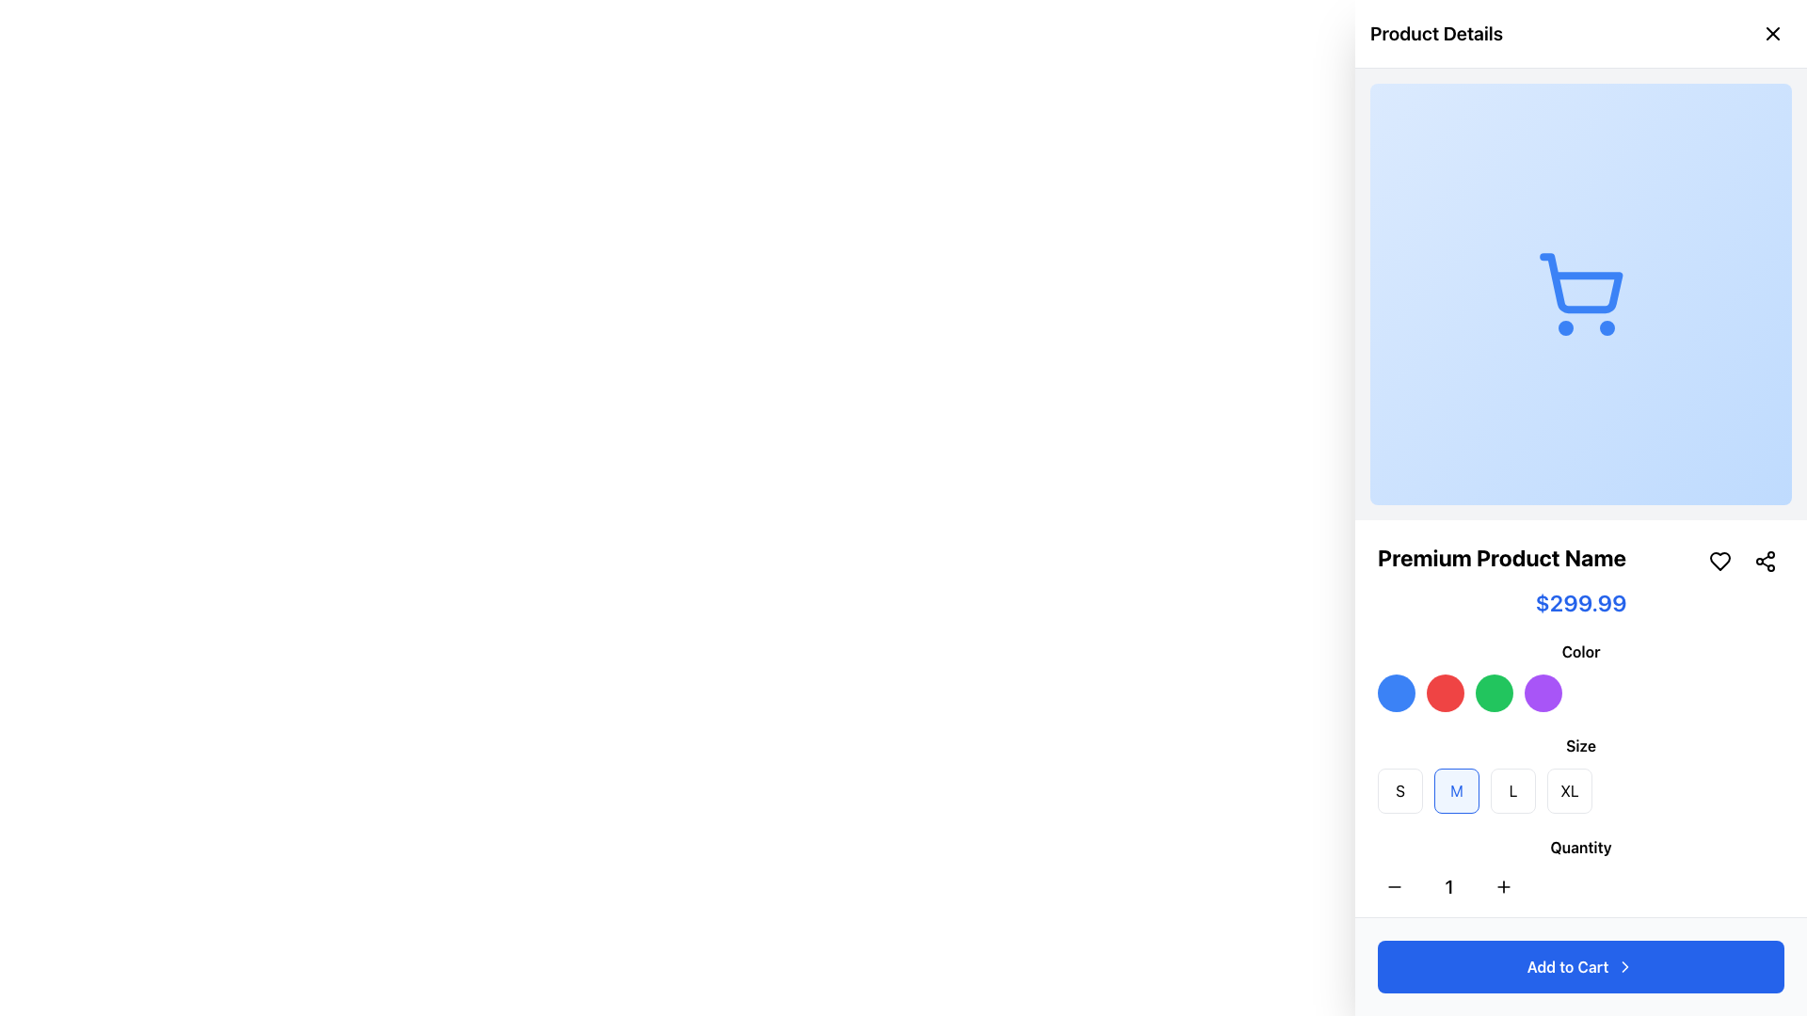  Describe the element at coordinates (1720, 561) in the screenshot. I see `the heart-shaped icon located in the top-right of the product details section` at that location.